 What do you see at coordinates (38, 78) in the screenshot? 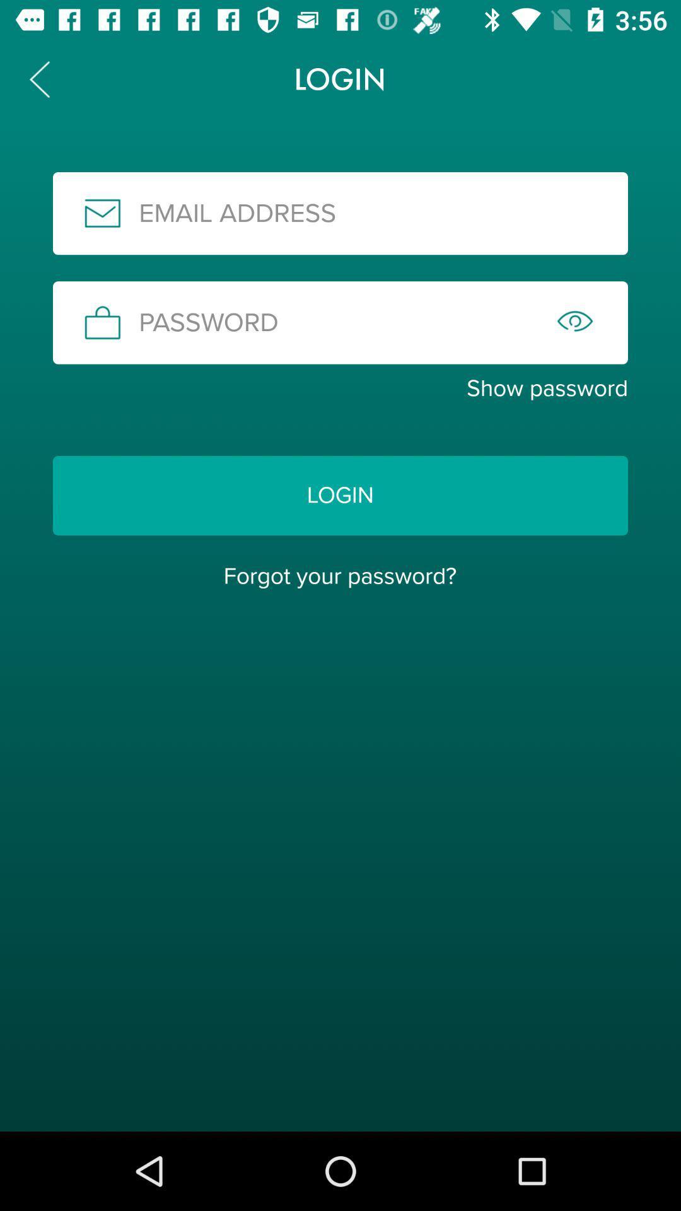
I see `icon to the left of login item` at bounding box center [38, 78].